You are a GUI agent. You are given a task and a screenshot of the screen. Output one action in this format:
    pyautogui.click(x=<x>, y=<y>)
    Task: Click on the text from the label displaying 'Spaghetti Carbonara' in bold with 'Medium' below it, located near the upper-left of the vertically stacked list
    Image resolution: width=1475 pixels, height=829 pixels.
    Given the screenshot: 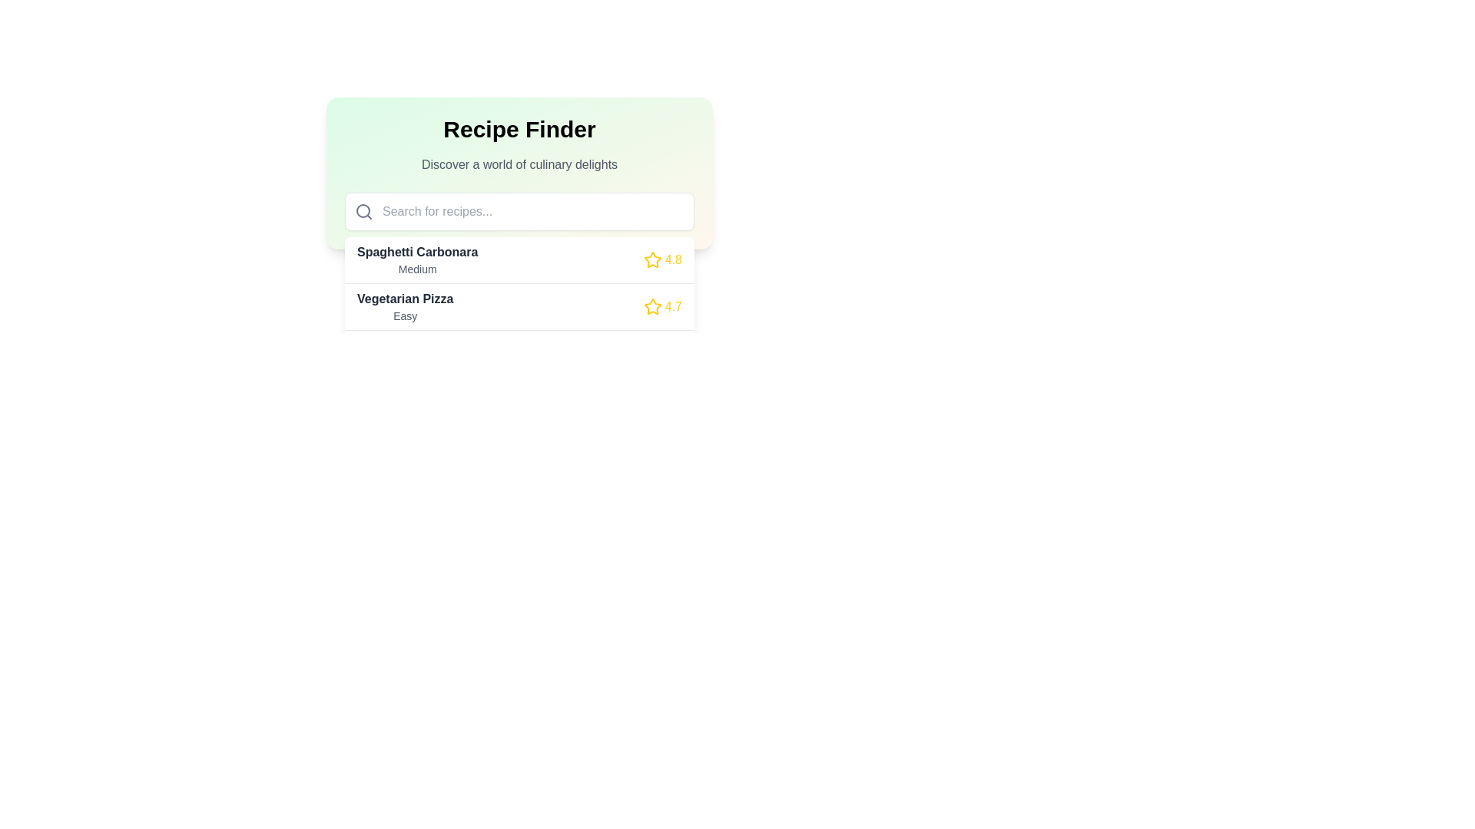 What is the action you would take?
    pyautogui.click(x=417, y=259)
    